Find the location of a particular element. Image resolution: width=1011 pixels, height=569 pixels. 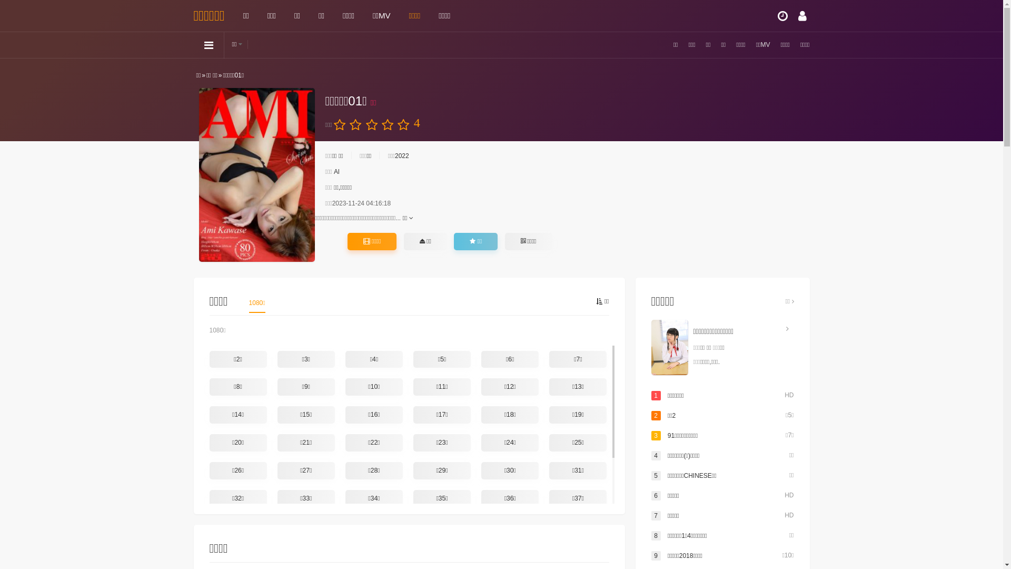

'2022' is located at coordinates (401, 156).